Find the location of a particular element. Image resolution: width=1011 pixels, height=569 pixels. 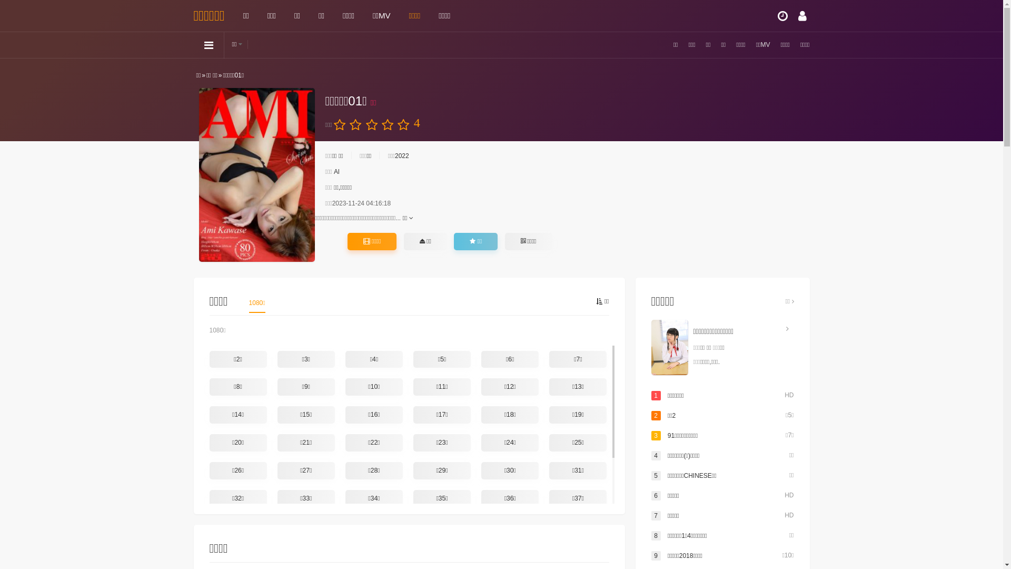

'2022' is located at coordinates (401, 156).